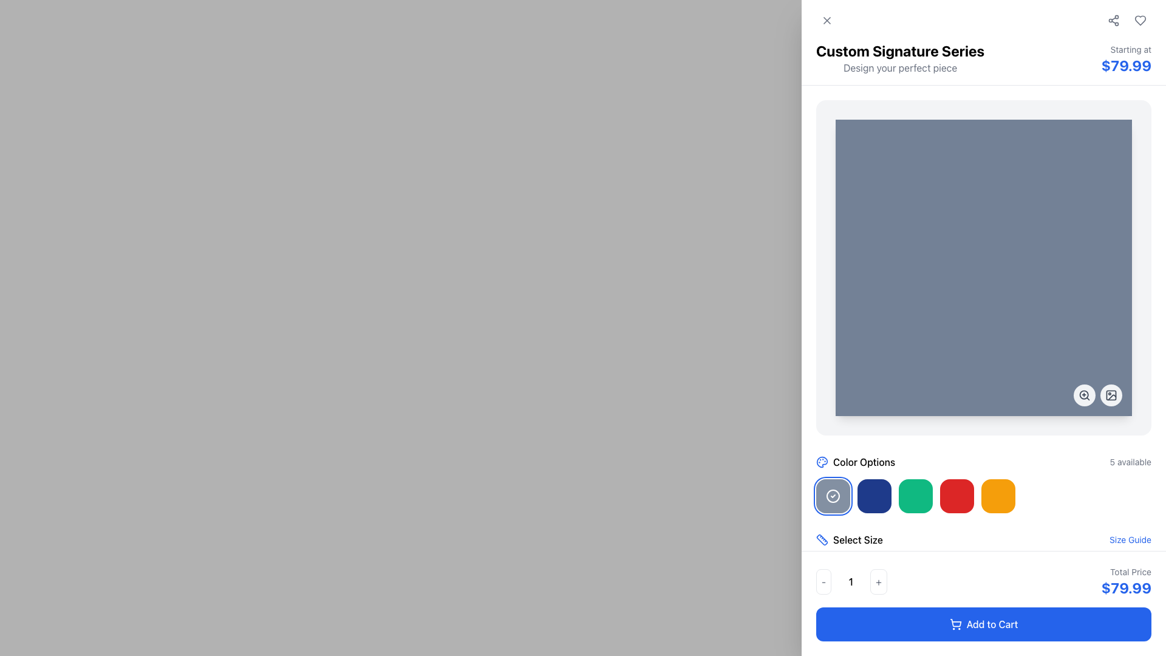  Describe the element at coordinates (1113, 21) in the screenshot. I see `the Share button represented as an SVG icon located in the top right portion of the interface to share the content` at that location.